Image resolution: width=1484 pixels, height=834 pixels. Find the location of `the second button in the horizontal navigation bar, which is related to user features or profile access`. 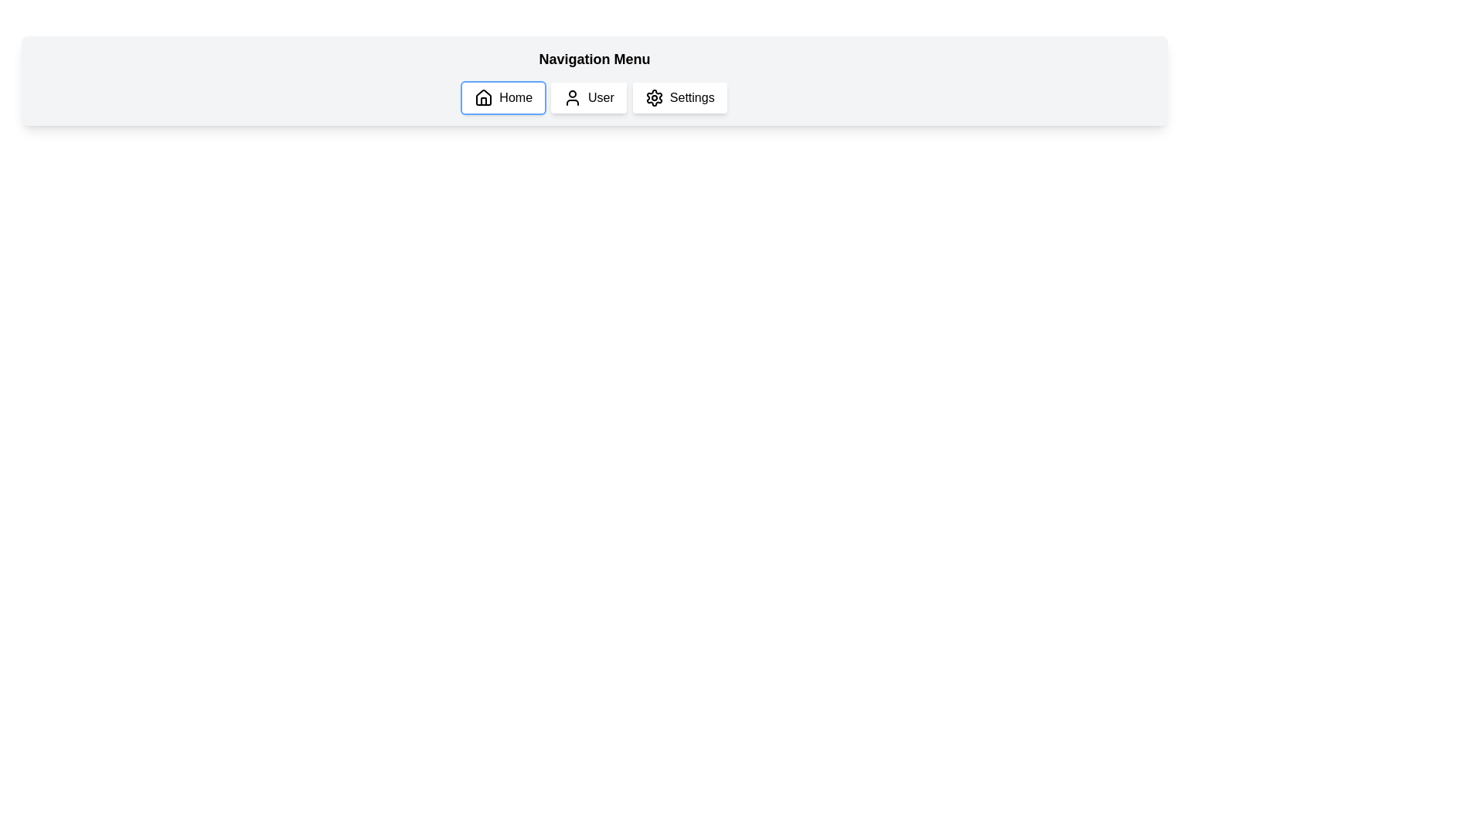

the second button in the horizontal navigation bar, which is related to user features or profile access is located at coordinates (587, 98).